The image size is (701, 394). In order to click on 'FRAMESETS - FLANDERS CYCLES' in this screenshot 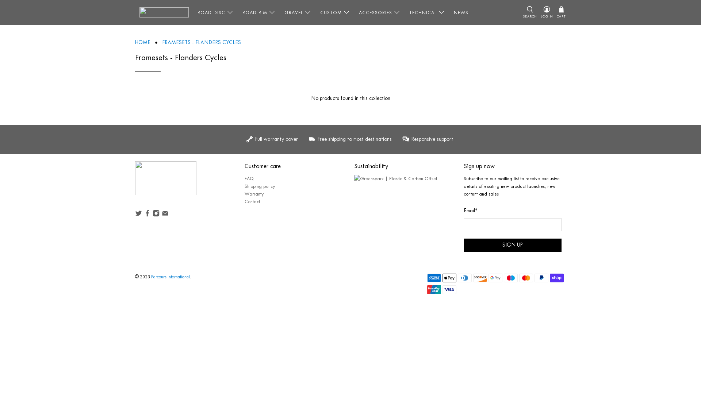, I will do `click(202, 42)`.